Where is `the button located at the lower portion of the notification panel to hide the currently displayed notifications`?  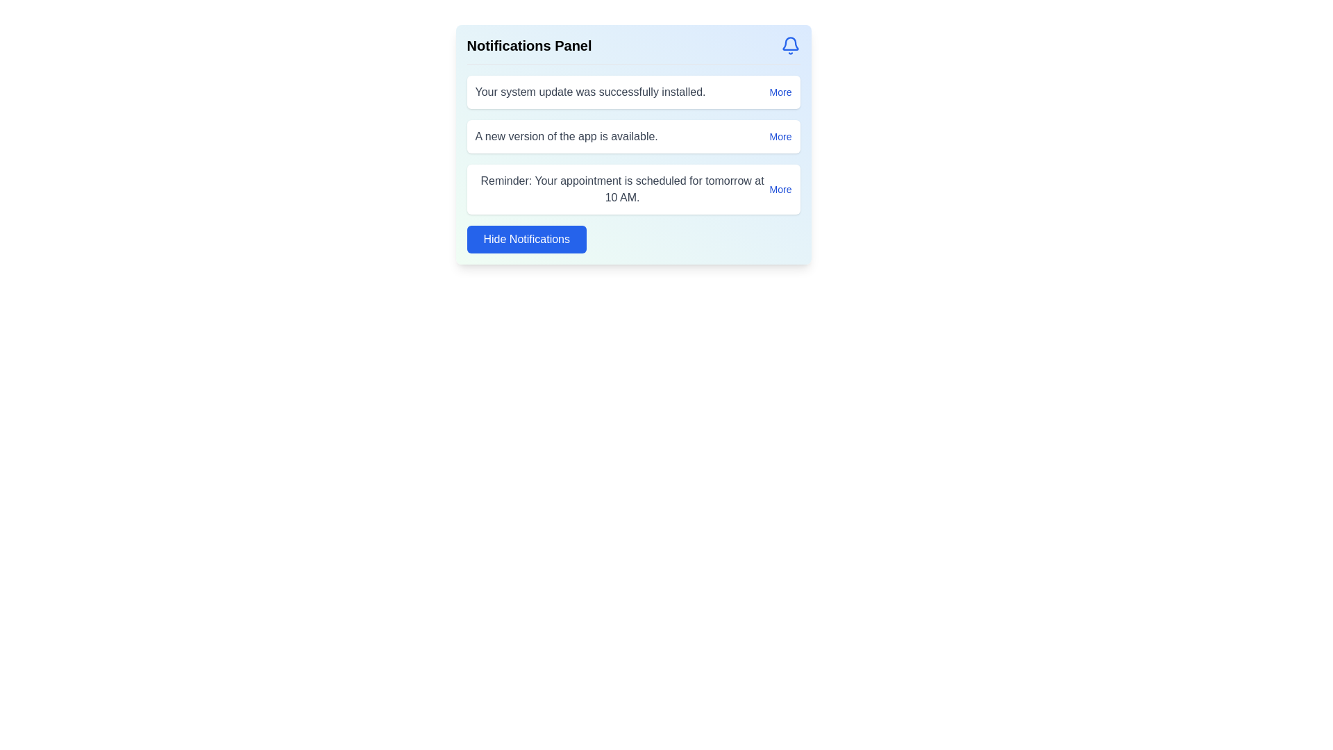 the button located at the lower portion of the notification panel to hide the currently displayed notifications is located at coordinates (526, 238).